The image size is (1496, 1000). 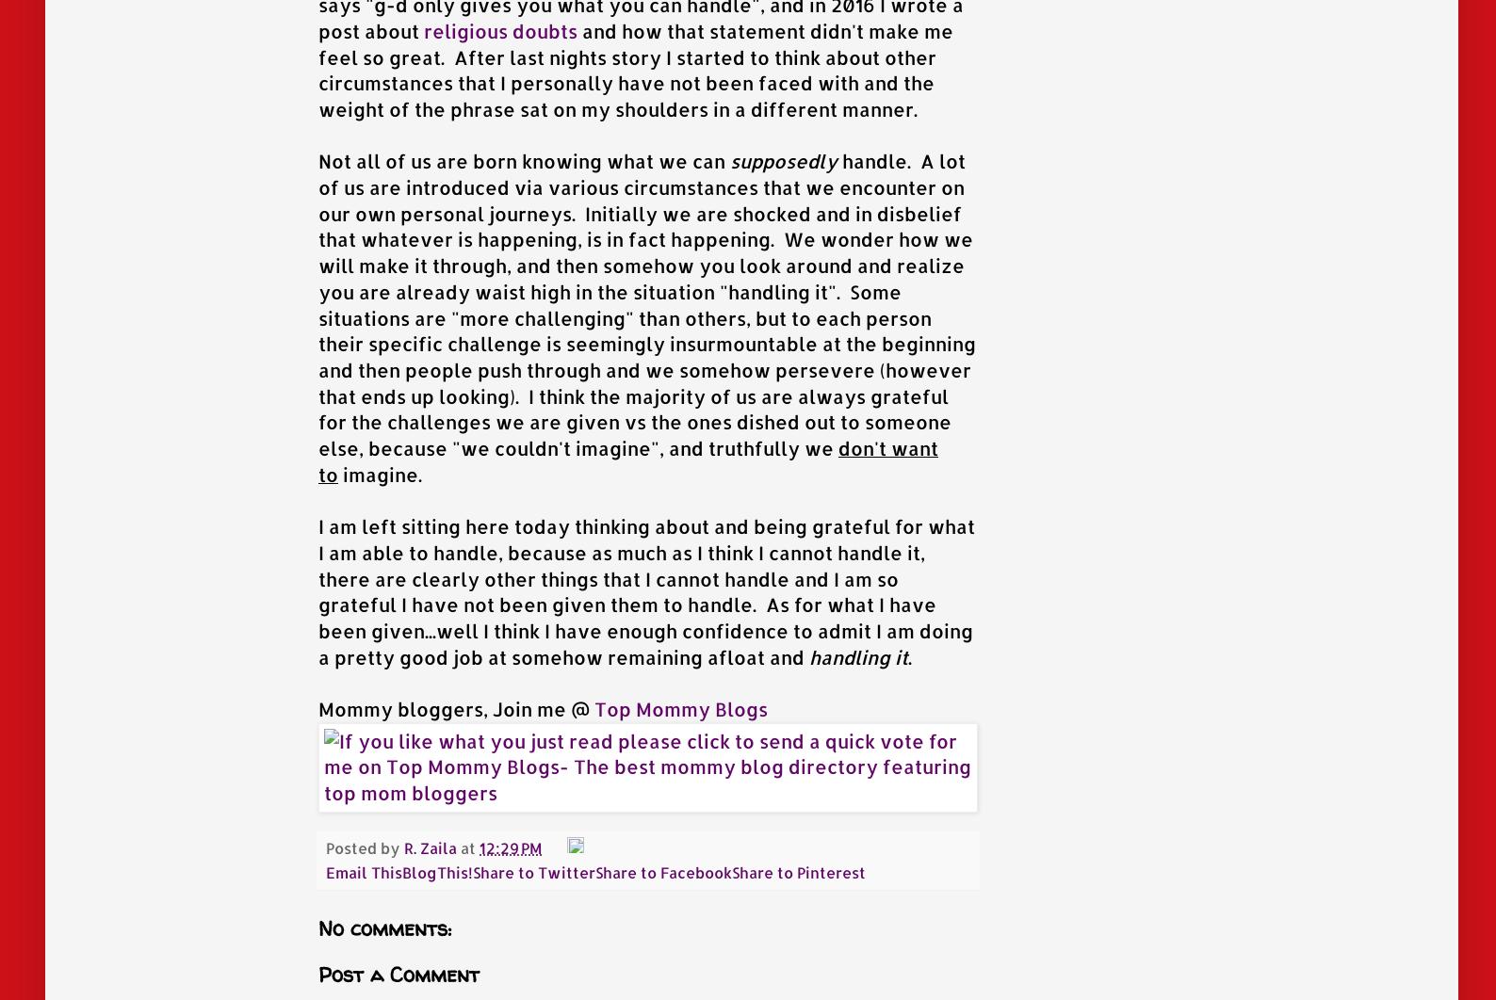 What do you see at coordinates (646, 304) in the screenshot?
I see `'handle.  A lot of us are introduced via various circumstances that we encounter on our own personal journeys.  Initially we are shocked and in disbelief that whatever is happening, is in fact happening.  We wonder how we will make it through, and then somehow you look around and realize you are already waist high in the situation "handling it".  Some situations are "more challenging" than others, but to each person their specific challenge is seemingly insurmountable at the beginning and then people push through and we somehow persevere (however that ends up looking).  I think the majority of us are always grateful for the challenges we are given vs the ones dished out to someone else, because "we couldn't imagine", and truthfully we'` at bounding box center [646, 304].